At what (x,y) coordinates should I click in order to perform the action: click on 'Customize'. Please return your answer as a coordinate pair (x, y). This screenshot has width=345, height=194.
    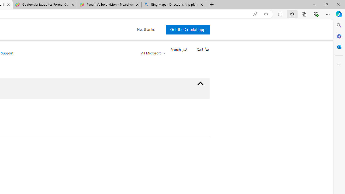
    Looking at the image, I should click on (339, 64).